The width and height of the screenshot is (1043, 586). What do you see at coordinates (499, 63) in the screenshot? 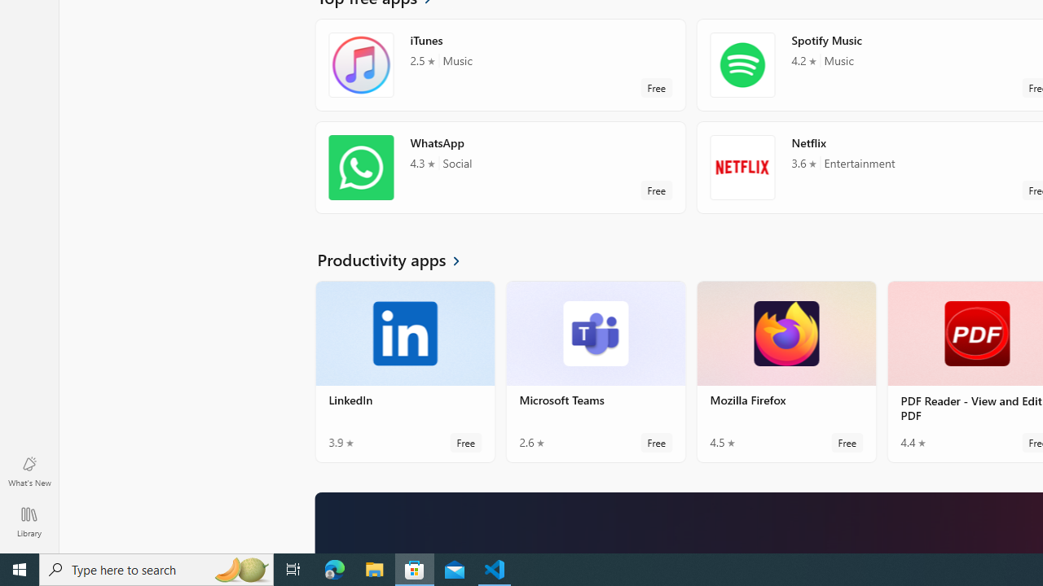
I see `'iTunes. Average rating of 2.5 out of five stars. Free  '` at bounding box center [499, 63].